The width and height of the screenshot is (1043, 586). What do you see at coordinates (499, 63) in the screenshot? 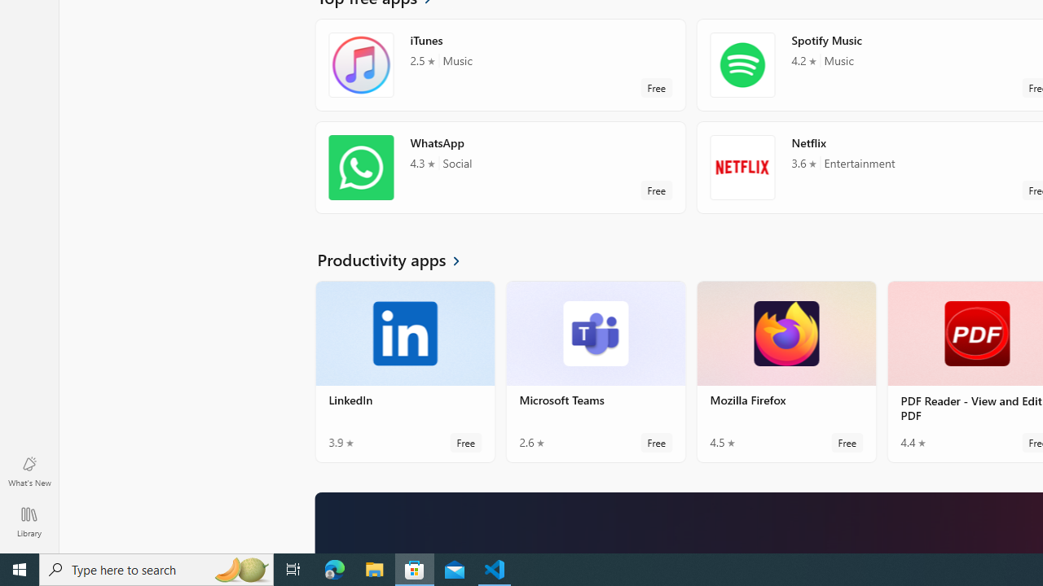
I see `'iTunes. Average rating of 2.5 out of five stars. Free  '` at bounding box center [499, 63].